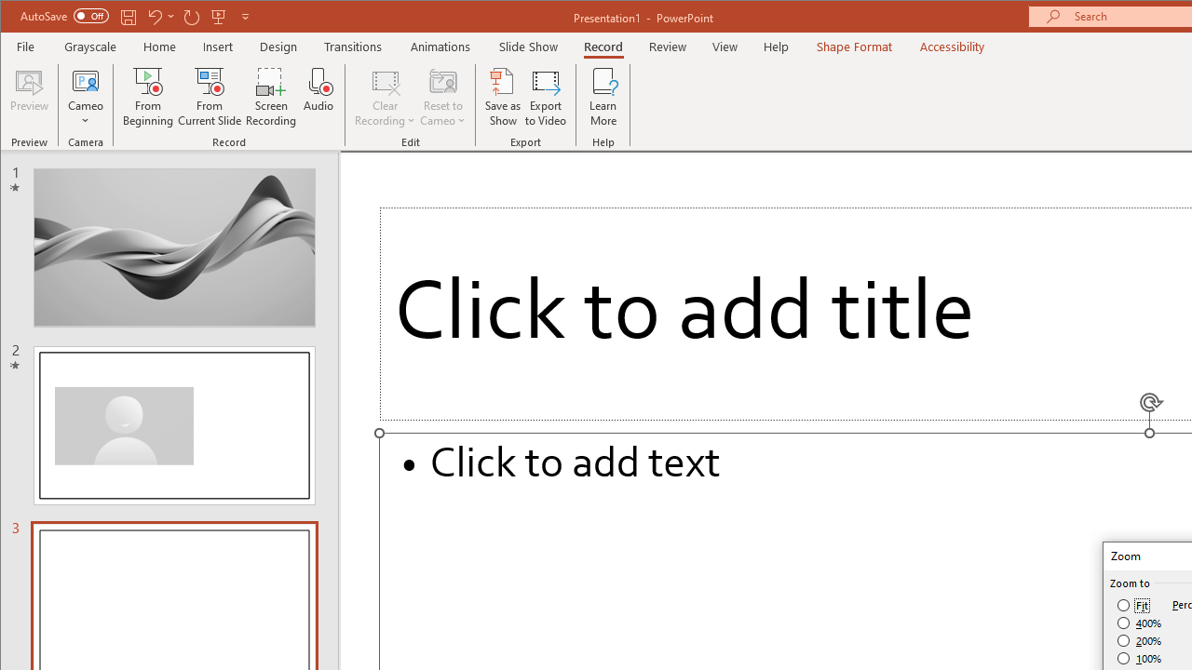 This screenshot has height=670, width=1192. I want to click on '100%', so click(1139, 657).